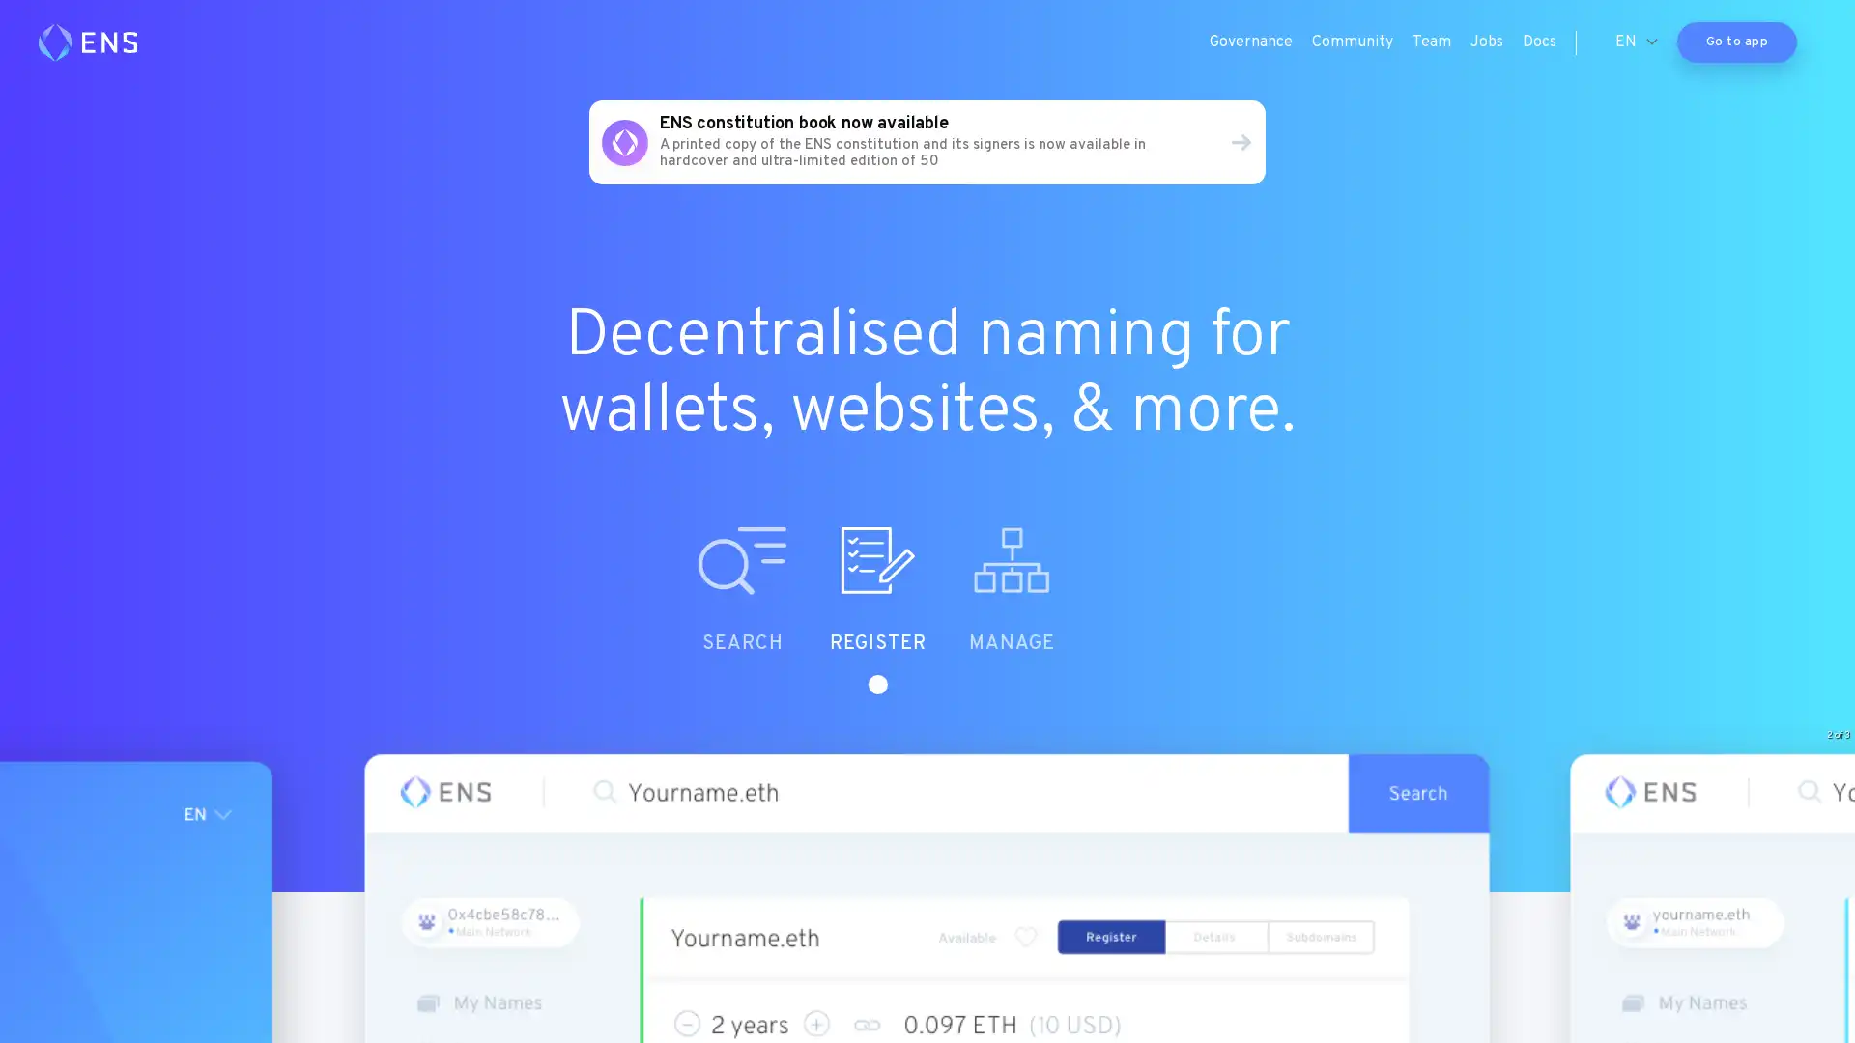 The width and height of the screenshot is (1855, 1043). Describe the element at coordinates (812, 610) in the screenshot. I see `slide item 1` at that location.